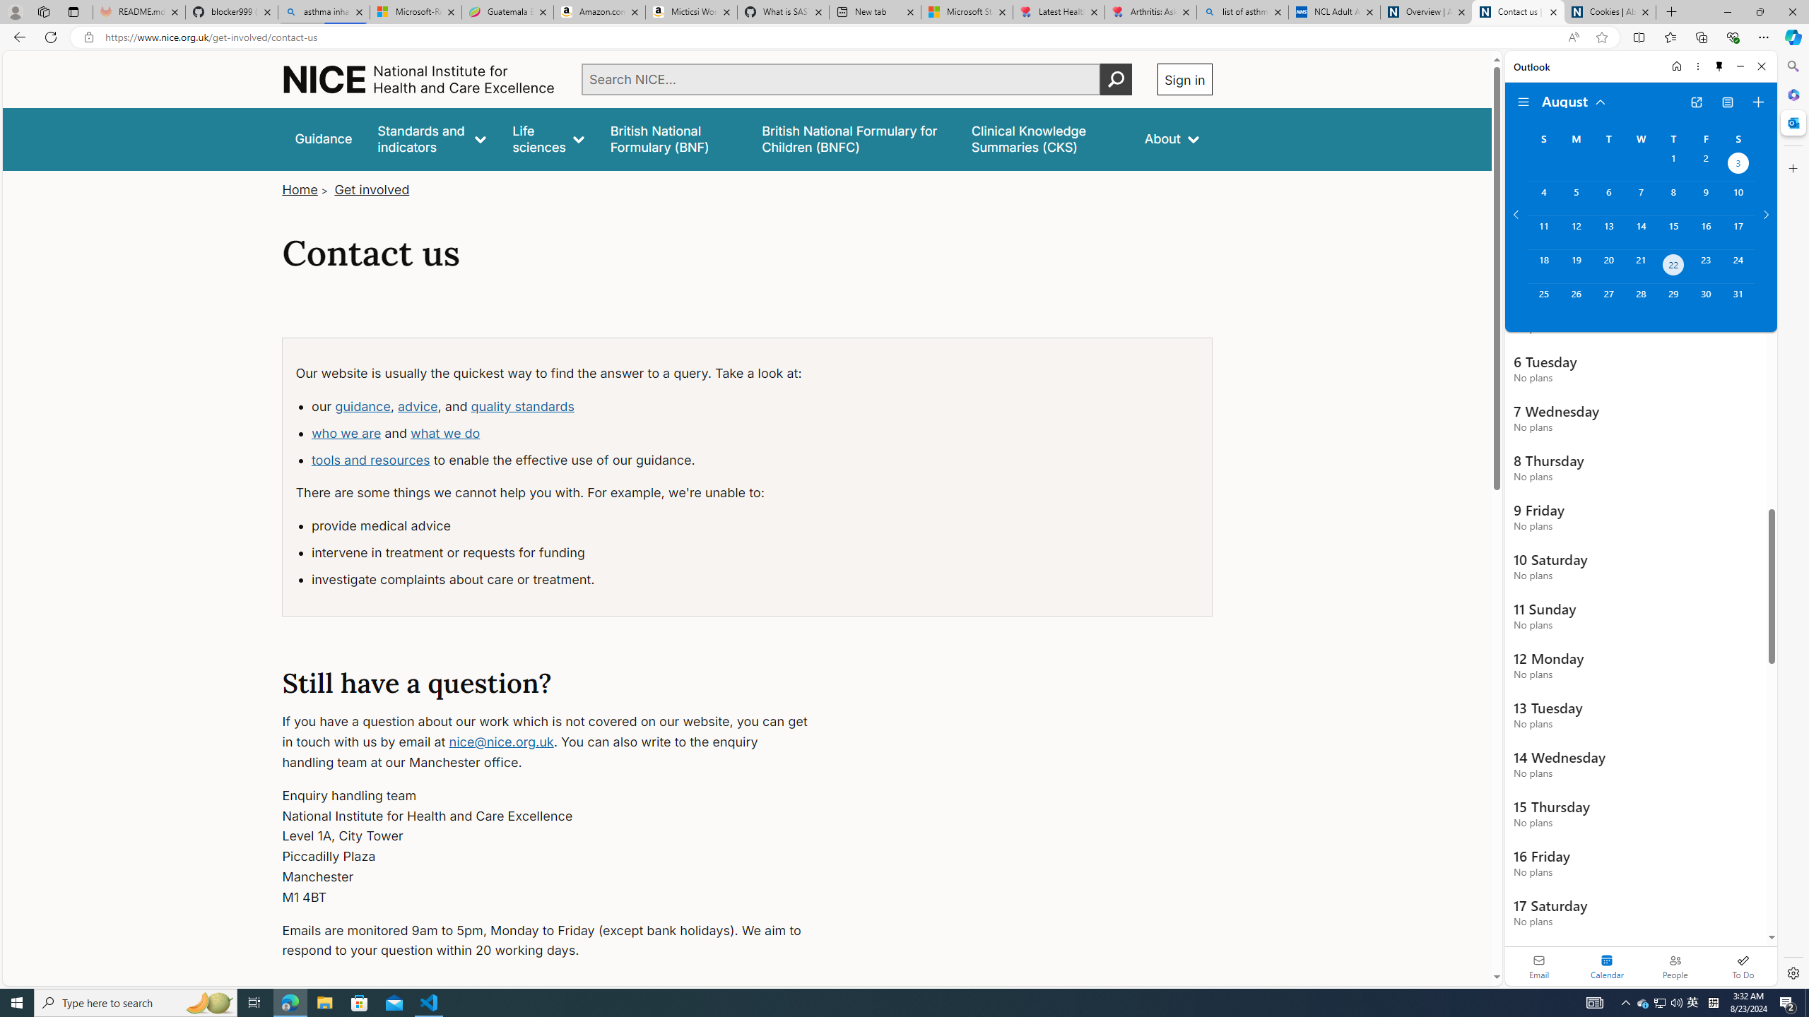 Image resolution: width=1809 pixels, height=1017 pixels. What do you see at coordinates (370, 459) in the screenshot?
I see `'tools and resources'` at bounding box center [370, 459].